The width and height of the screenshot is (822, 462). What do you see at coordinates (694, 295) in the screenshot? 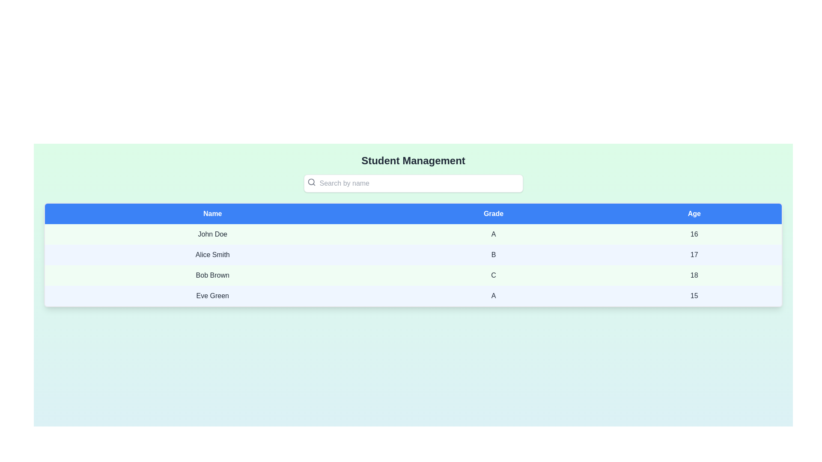
I see `the text component displaying the number '15' located under the 'Age' column in the table row for 'Eve Green'` at bounding box center [694, 295].